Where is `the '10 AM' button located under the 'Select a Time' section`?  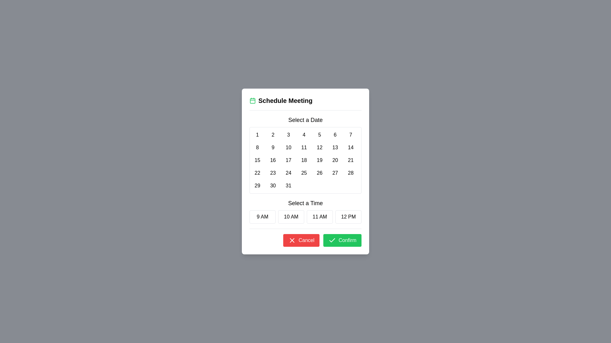 the '10 AM' button located under the 'Select a Time' section is located at coordinates (291, 216).